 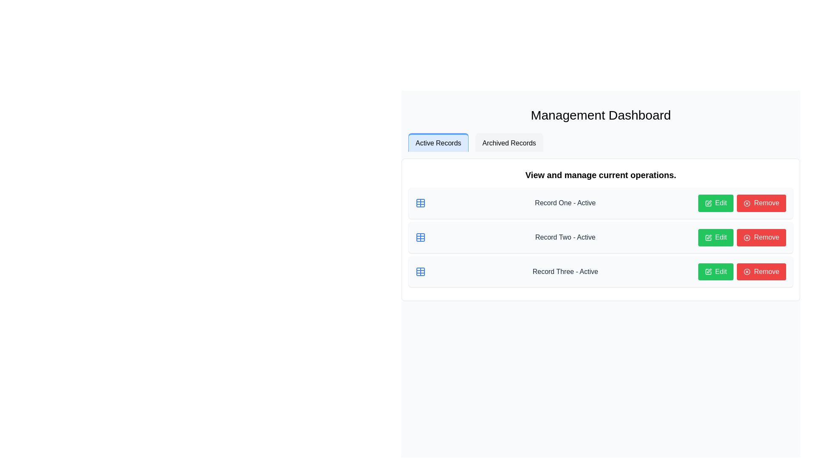 What do you see at coordinates (600, 174) in the screenshot?
I see `the Text Header that serves as a descriptive header for the section, indicating the purpose or content of the subsequent list` at bounding box center [600, 174].